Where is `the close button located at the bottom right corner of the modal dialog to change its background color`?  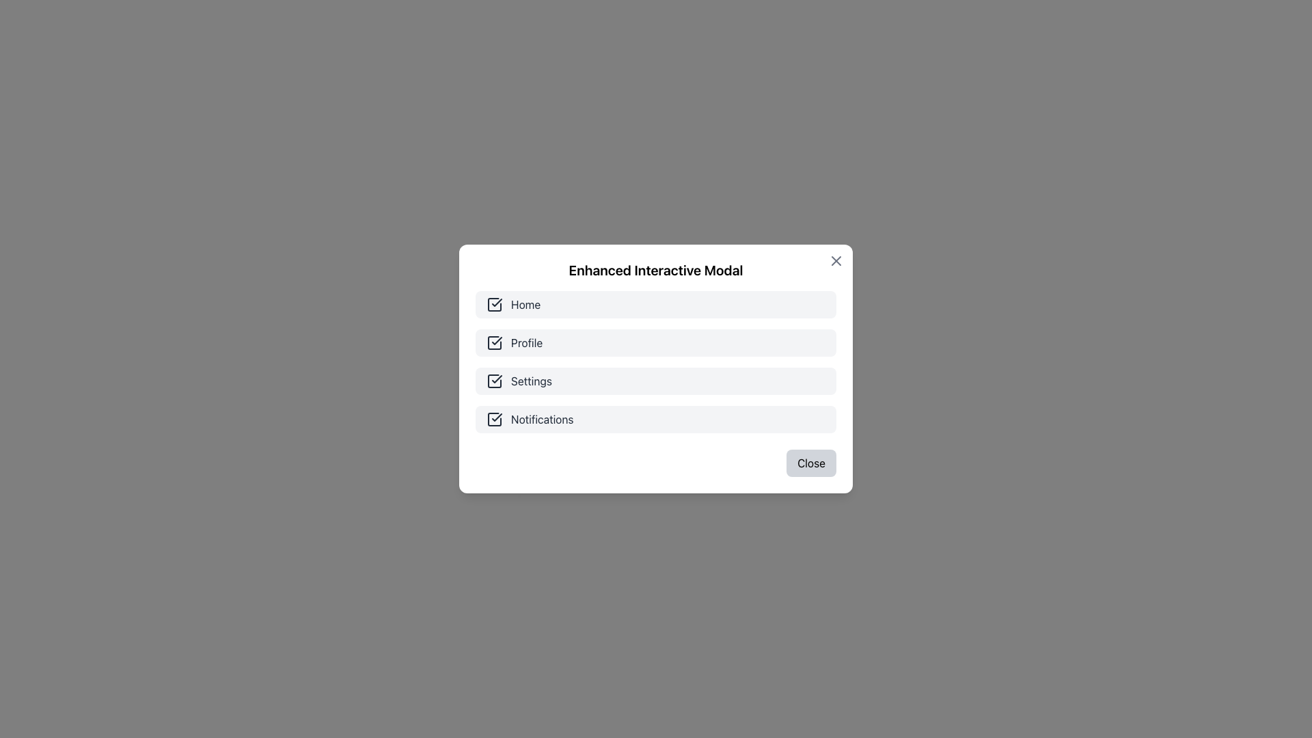
the close button located at the bottom right corner of the modal dialog to change its background color is located at coordinates (811, 463).